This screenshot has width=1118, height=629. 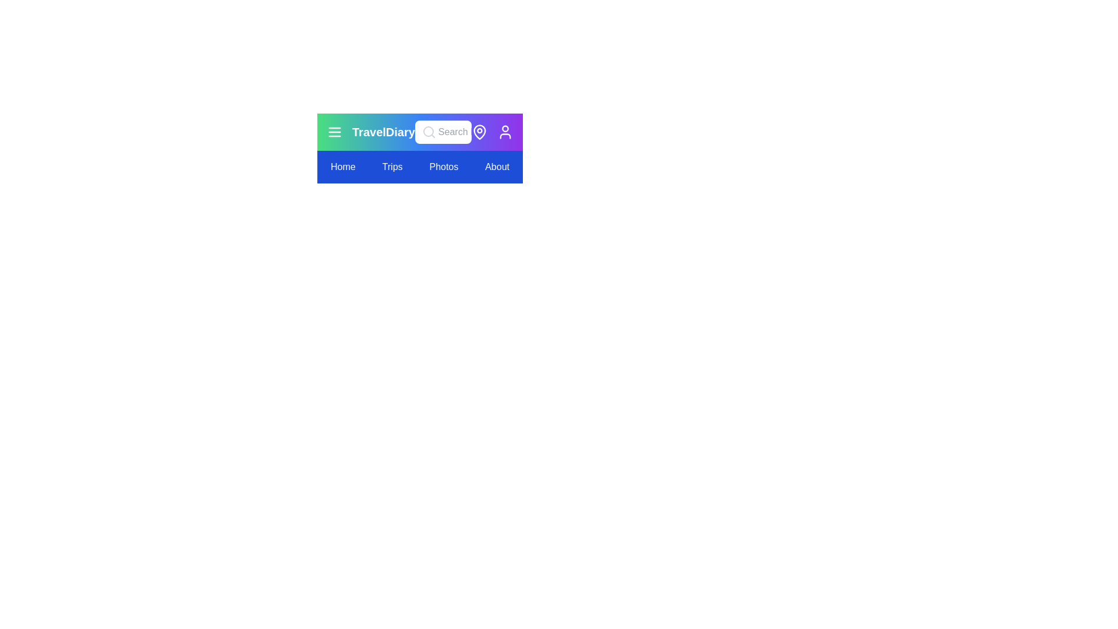 What do you see at coordinates (497, 167) in the screenshot?
I see `the menu item labeled About` at bounding box center [497, 167].